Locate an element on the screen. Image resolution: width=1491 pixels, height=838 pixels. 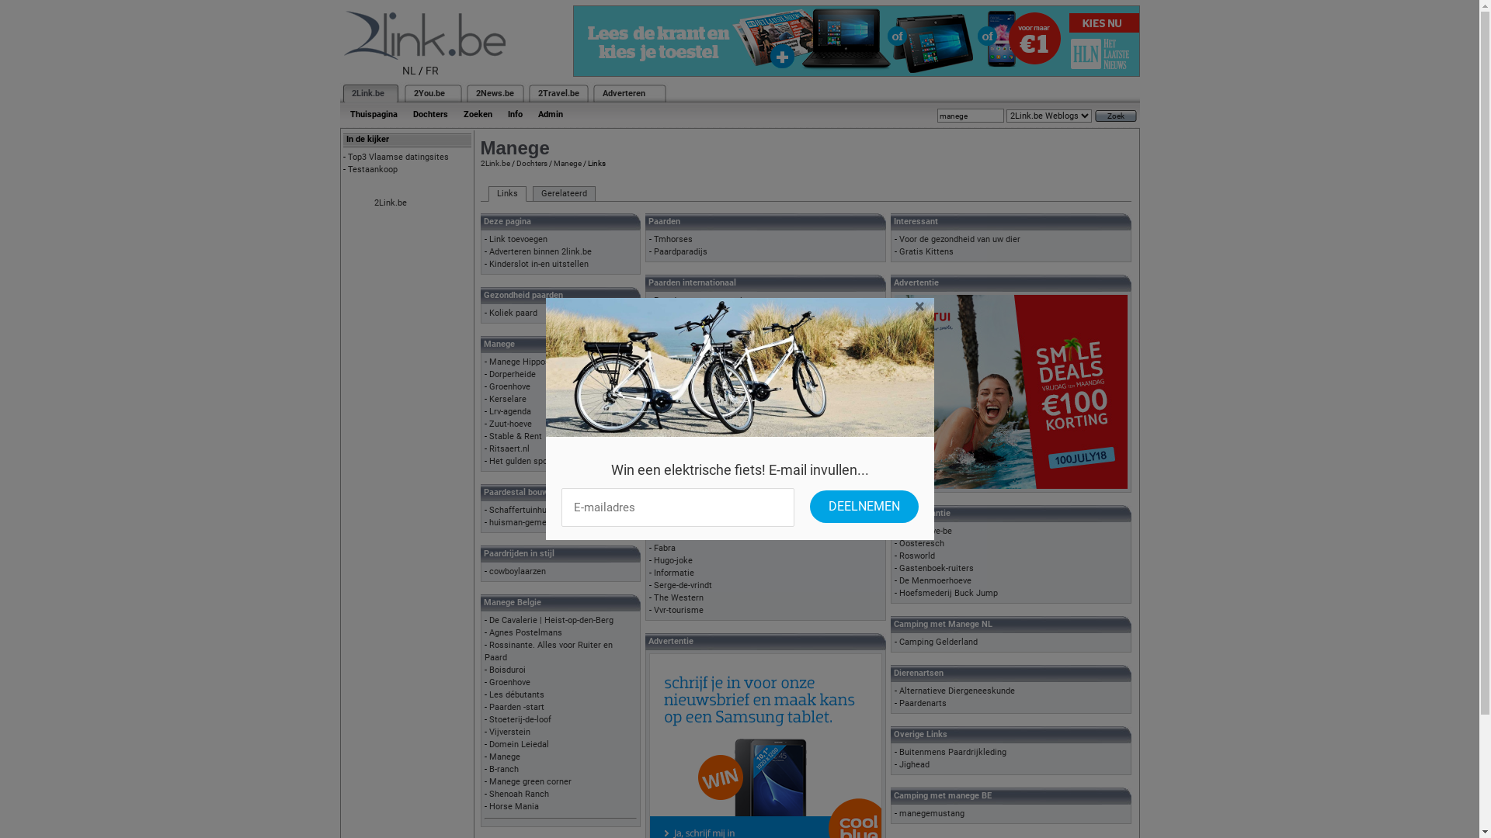
'Nordpferde' is located at coordinates (675, 350).